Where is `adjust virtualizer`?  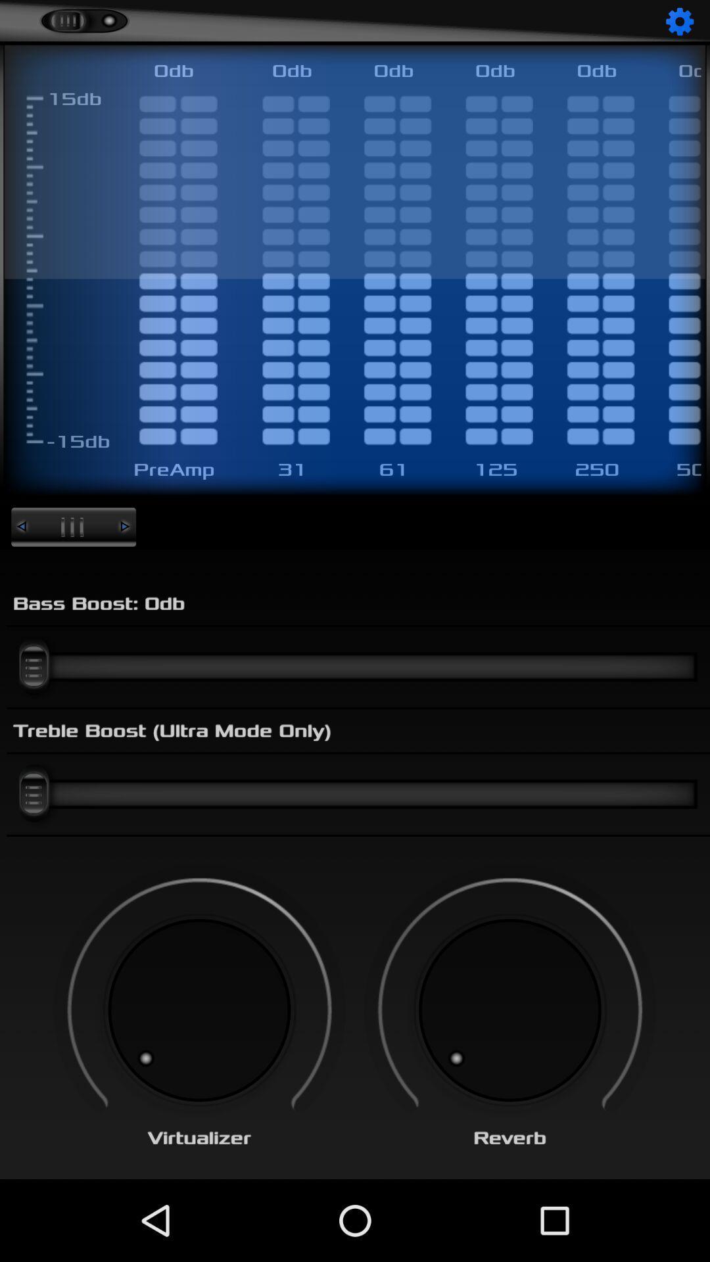
adjust virtualizer is located at coordinates (199, 1010).